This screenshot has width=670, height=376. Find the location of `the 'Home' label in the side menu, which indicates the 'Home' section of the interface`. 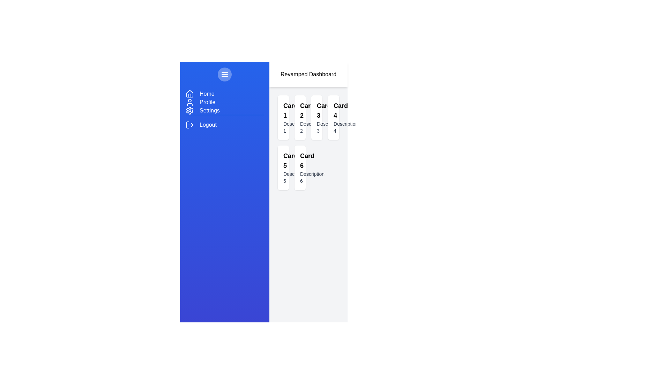

the 'Home' label in the side menu, which indicates the 'Home' section of the interface is located at coordinates (207, 94).